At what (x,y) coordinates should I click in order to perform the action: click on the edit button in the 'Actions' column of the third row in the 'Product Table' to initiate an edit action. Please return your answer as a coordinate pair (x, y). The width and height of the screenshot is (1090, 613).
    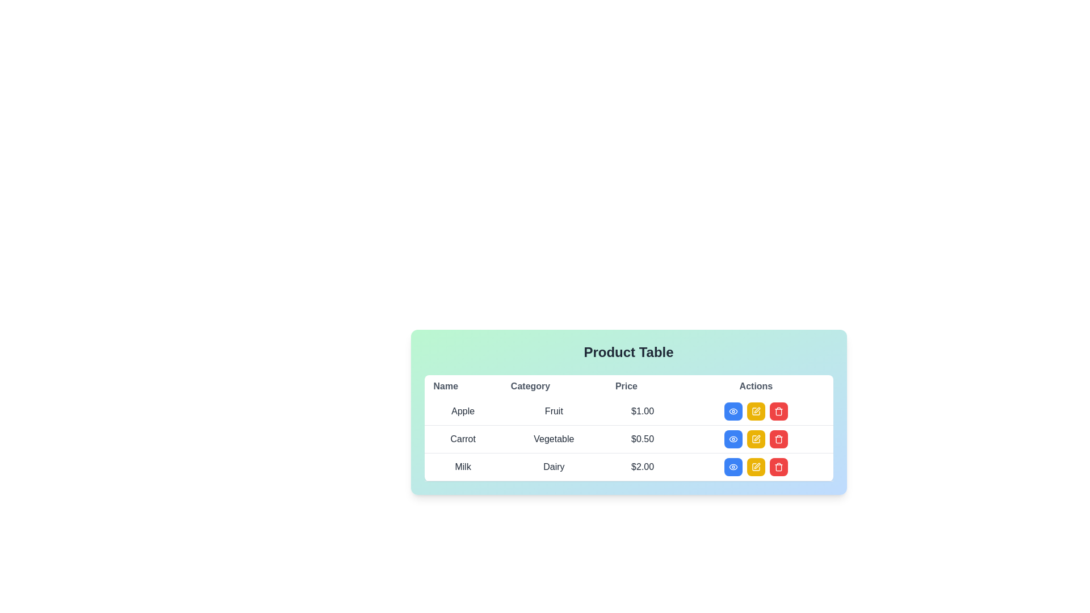
    Looking at the image, I should click on (756, 467).